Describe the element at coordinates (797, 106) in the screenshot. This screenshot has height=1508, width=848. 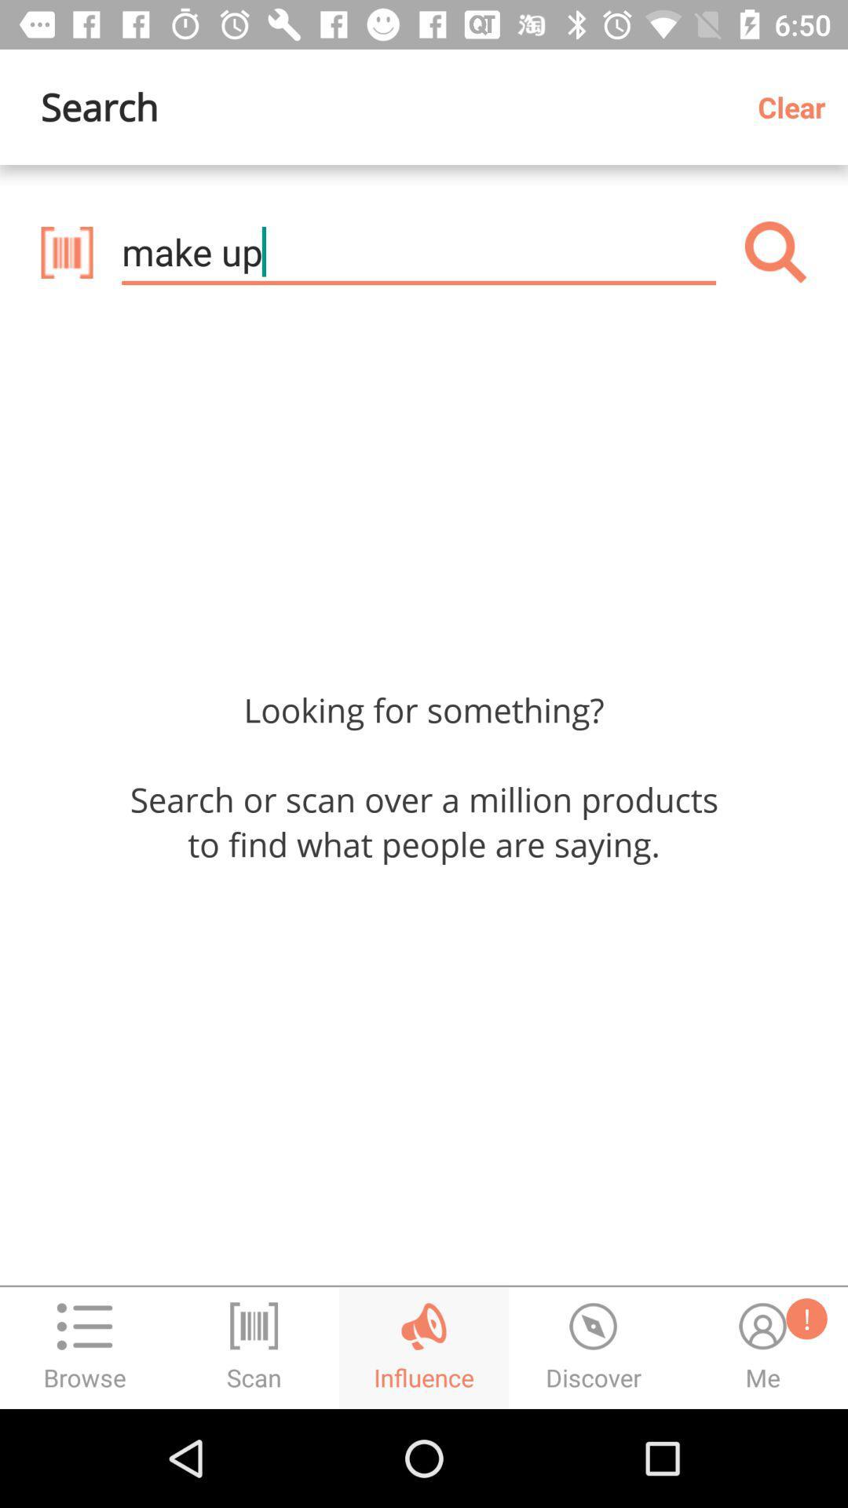
I see `the clear item` at that location.